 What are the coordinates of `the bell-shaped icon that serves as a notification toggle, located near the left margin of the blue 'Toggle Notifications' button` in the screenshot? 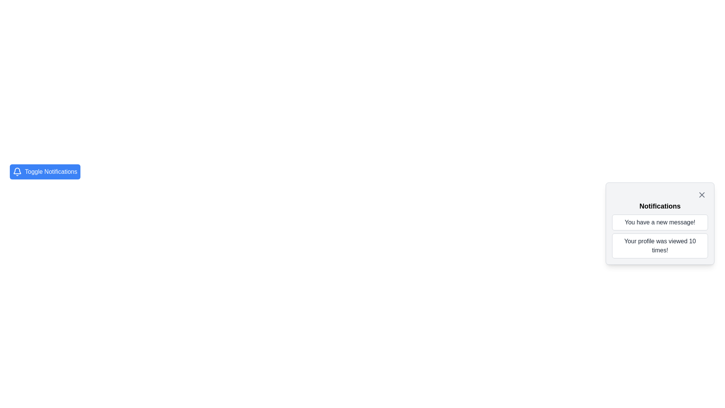 It's located at (17, 171).